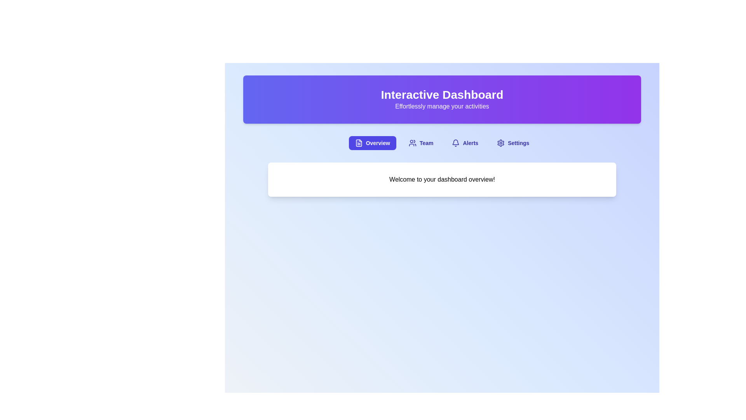  Describe the element at coordinates (442, 143) in the screenshot. I see `accessibility features of the 'Overview' button in the Navigation Bar, which is currently highlighted with a dark blue background and white text` at that location.